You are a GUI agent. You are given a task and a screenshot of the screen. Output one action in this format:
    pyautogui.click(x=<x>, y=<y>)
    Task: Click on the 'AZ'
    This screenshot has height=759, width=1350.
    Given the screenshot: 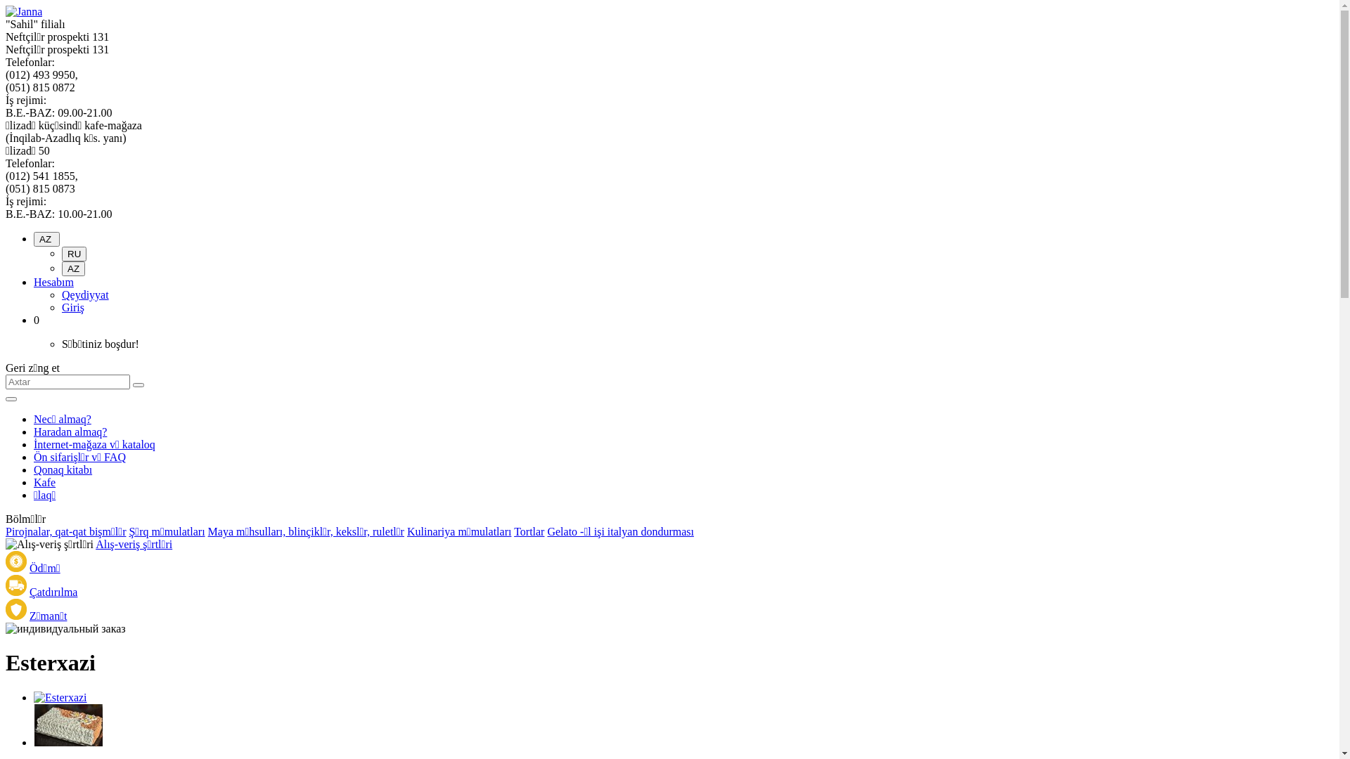 What is the action you would take?
    pyautogui.click(x=72, y=268)
    